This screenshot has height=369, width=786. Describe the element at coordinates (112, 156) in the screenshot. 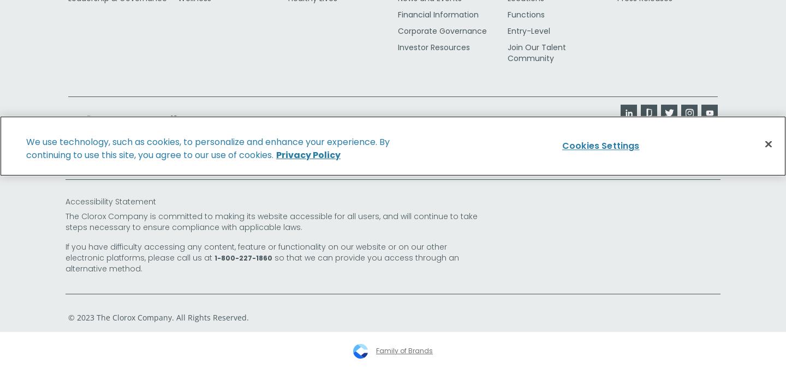

I see `'Terms (Recently Updated)'` at that location.